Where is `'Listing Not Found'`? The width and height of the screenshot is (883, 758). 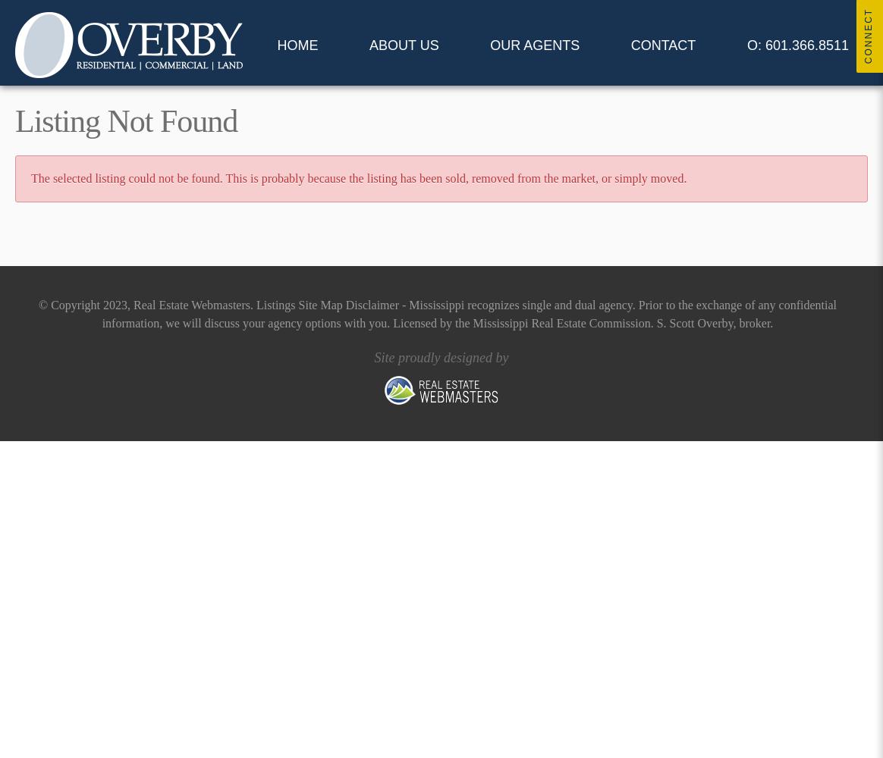 'Listing Not Found' is located at coordinates (15, 121).